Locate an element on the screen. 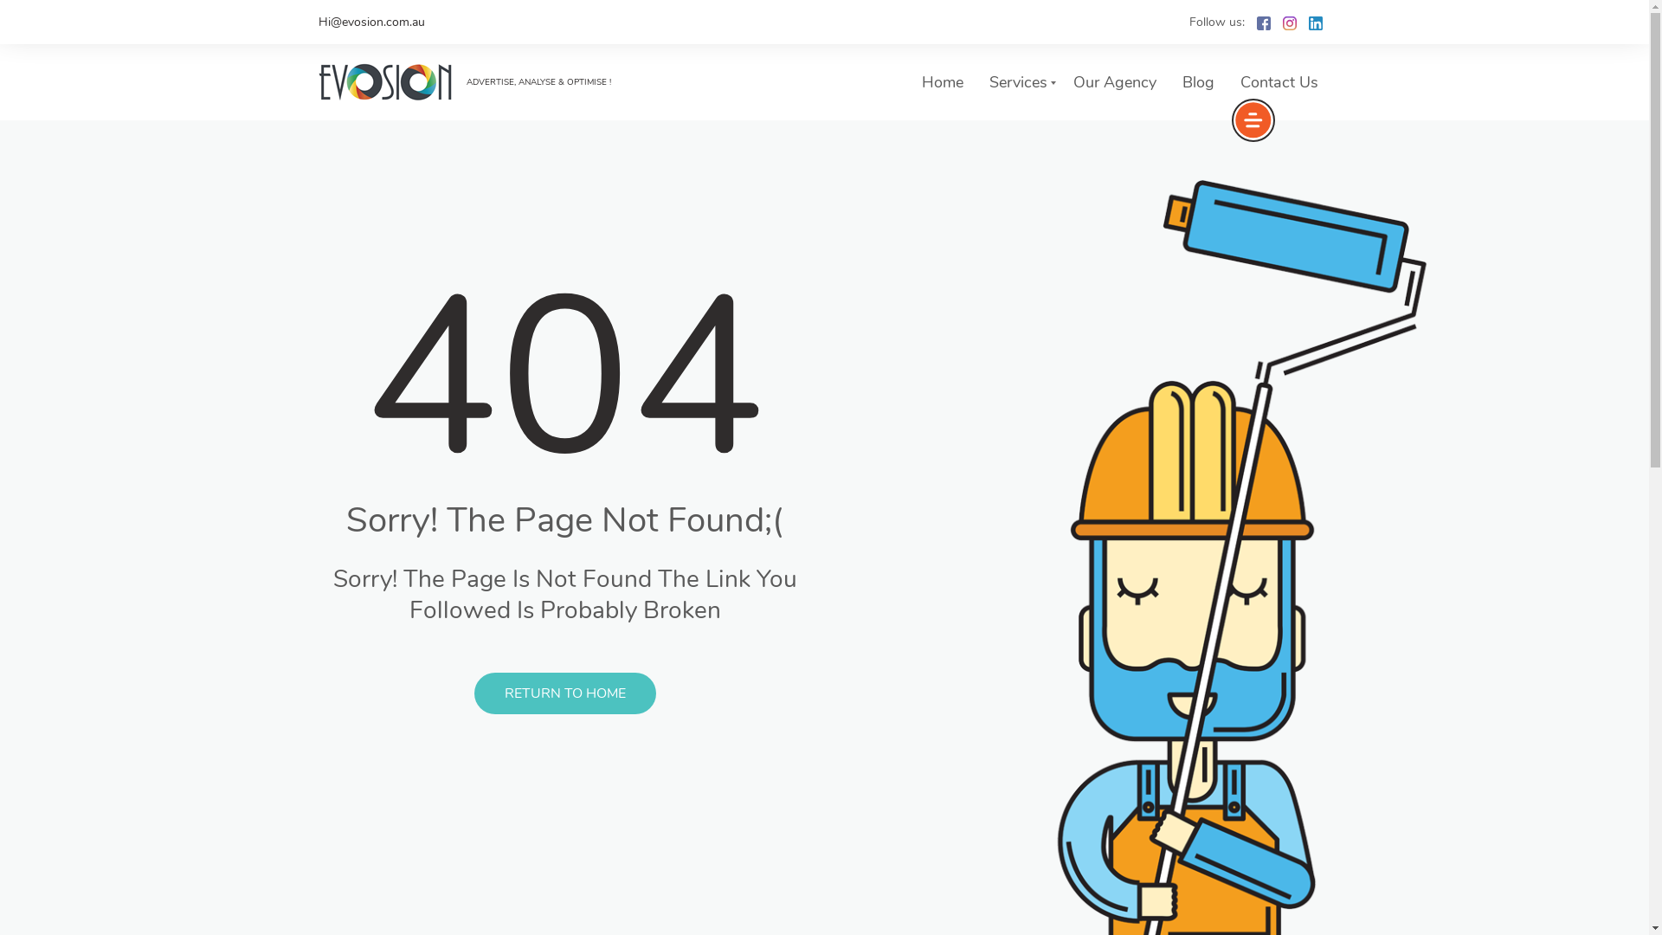 Image resolution: width=1662 pixels, height=935 pixels. 'Home' is located at coordinates (941, 82).